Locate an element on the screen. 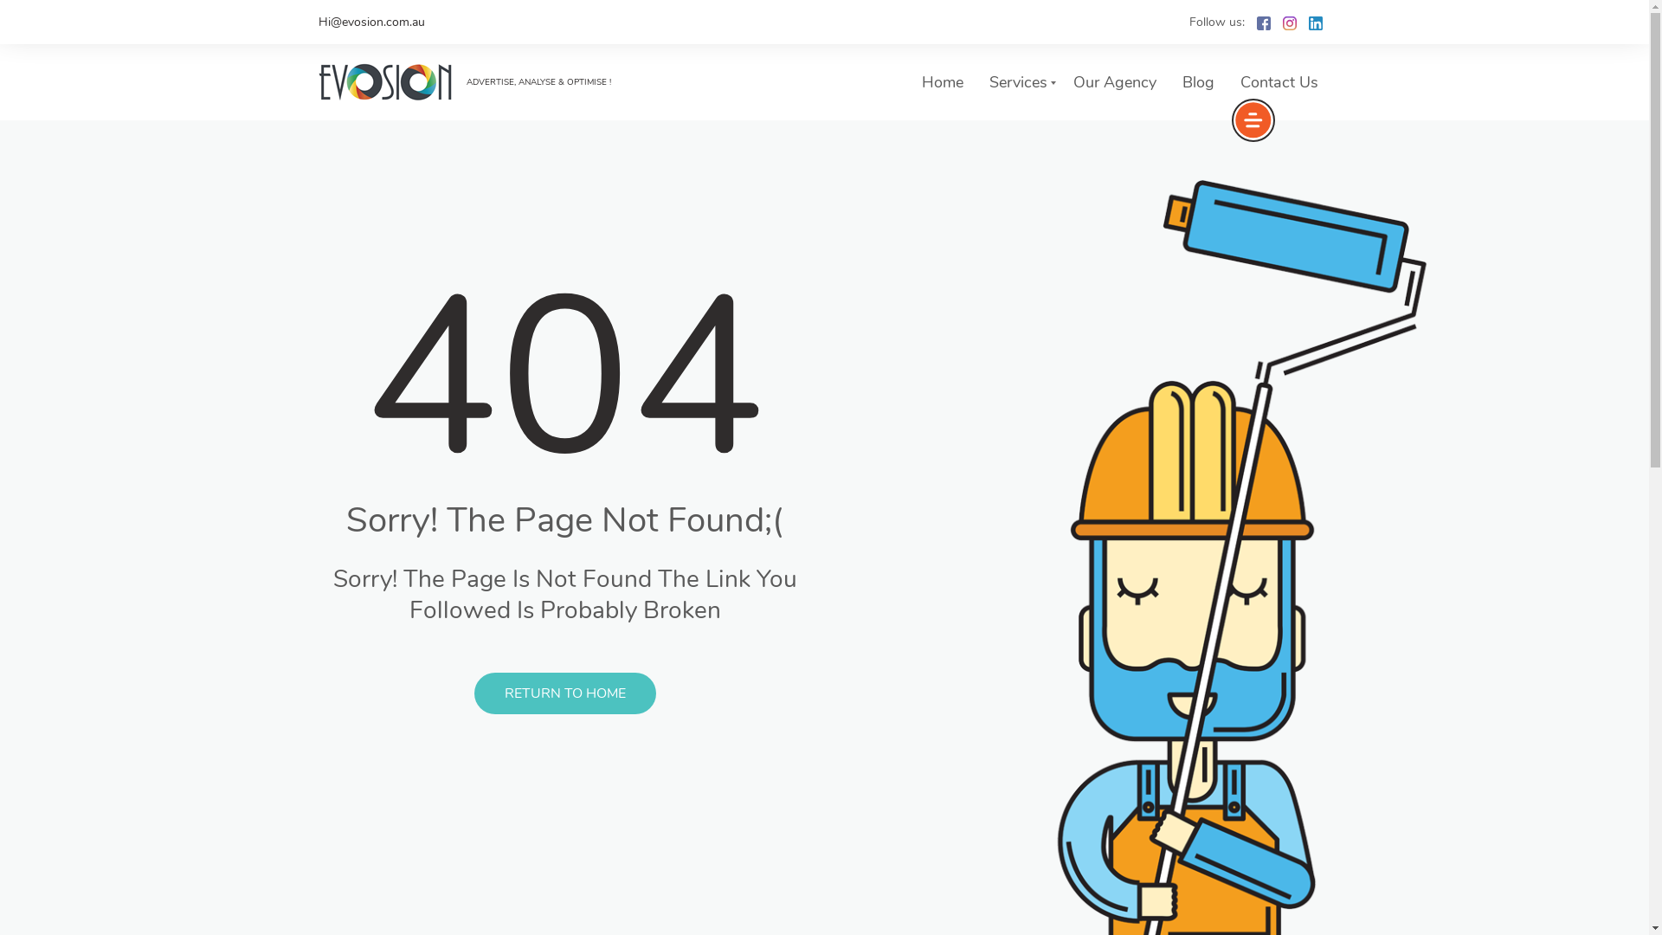 Image resolution: width=1662 pixels, height=935 pixels. 'Home' is located at coordinates (941, 82).